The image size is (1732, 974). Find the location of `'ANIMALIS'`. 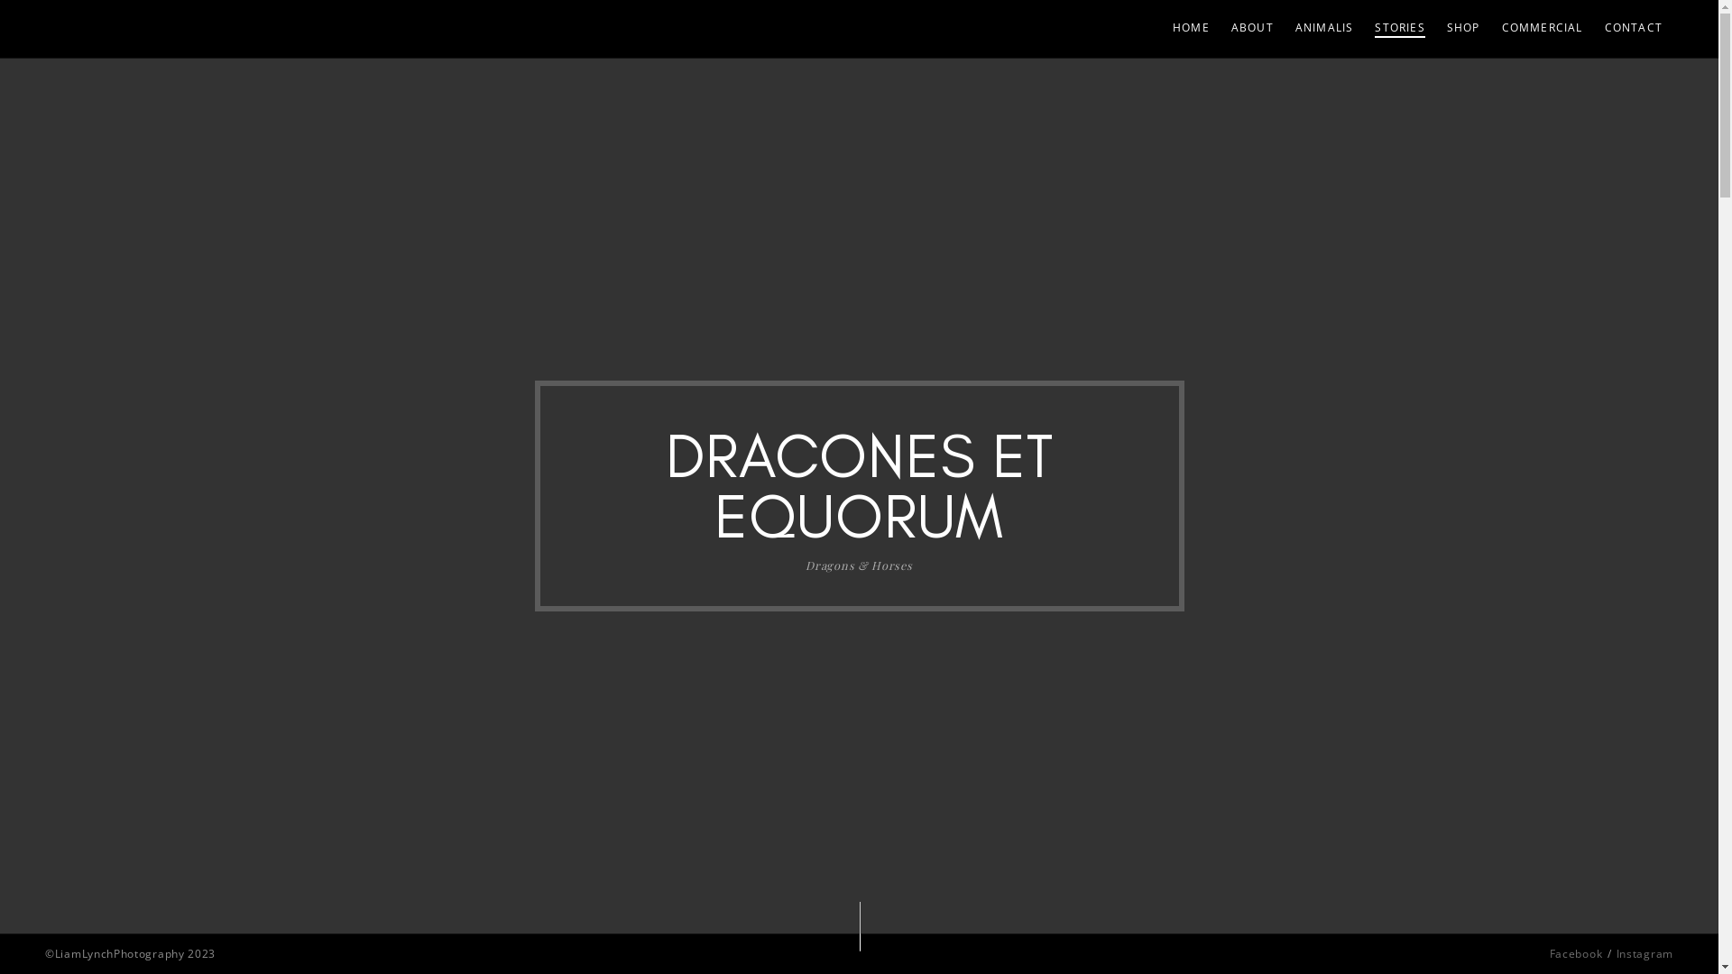

'ANIMALIS' is located at coordinates (1324, 28).